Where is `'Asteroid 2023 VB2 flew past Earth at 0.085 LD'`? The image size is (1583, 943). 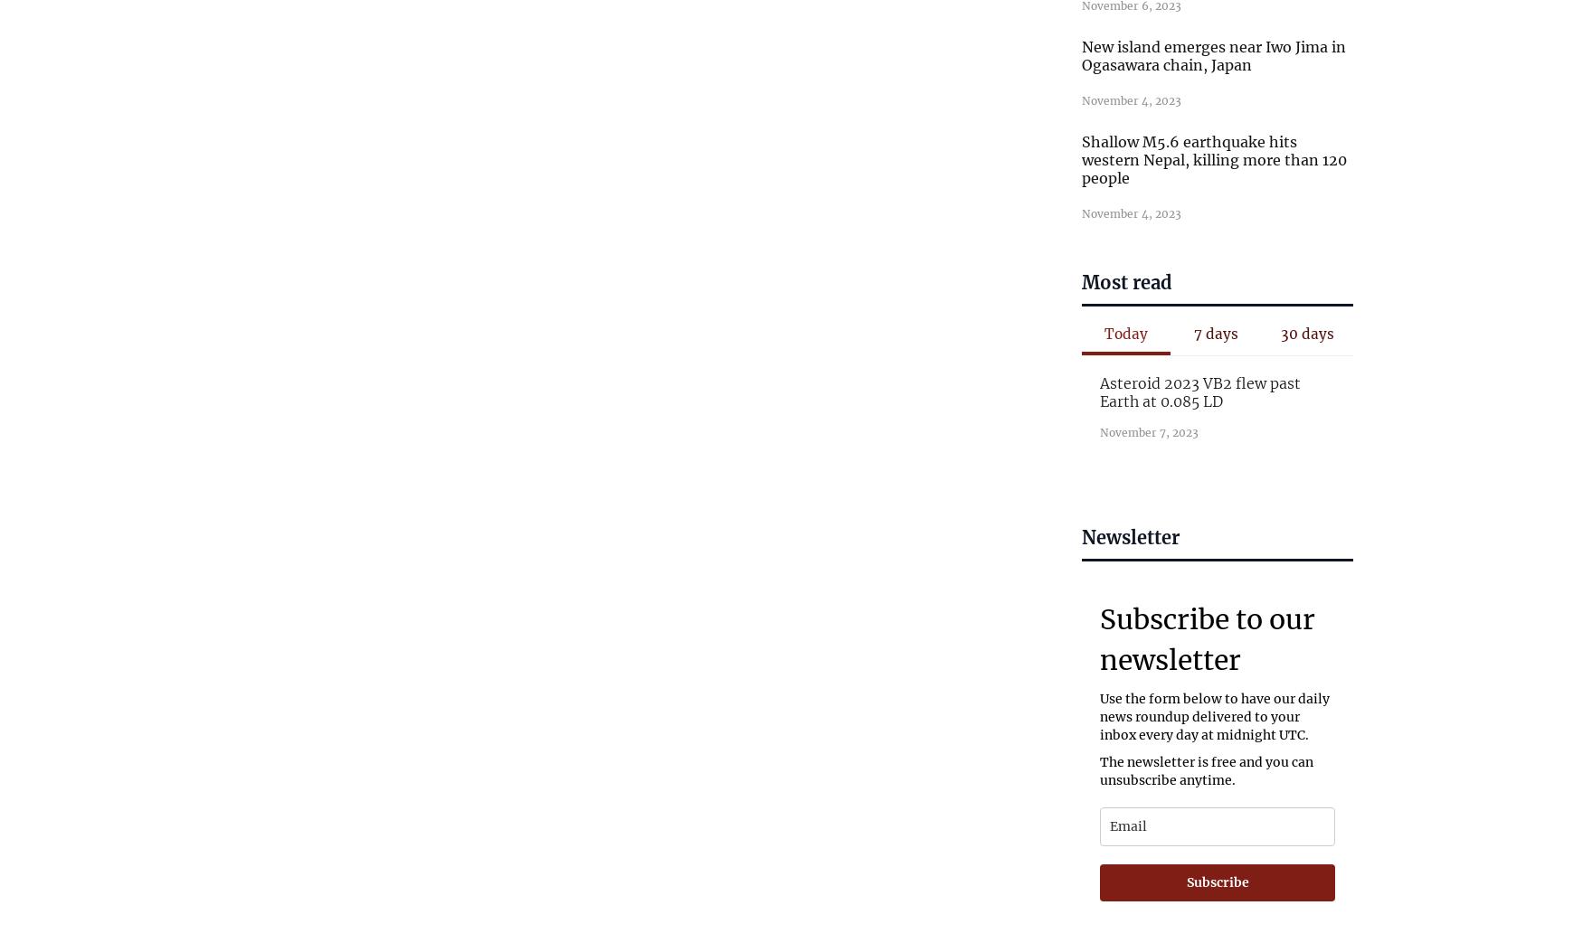 'Asteroid 2023 VB2 flew past Earth at 0.085 LD' is located at coordinates (1100, 391).